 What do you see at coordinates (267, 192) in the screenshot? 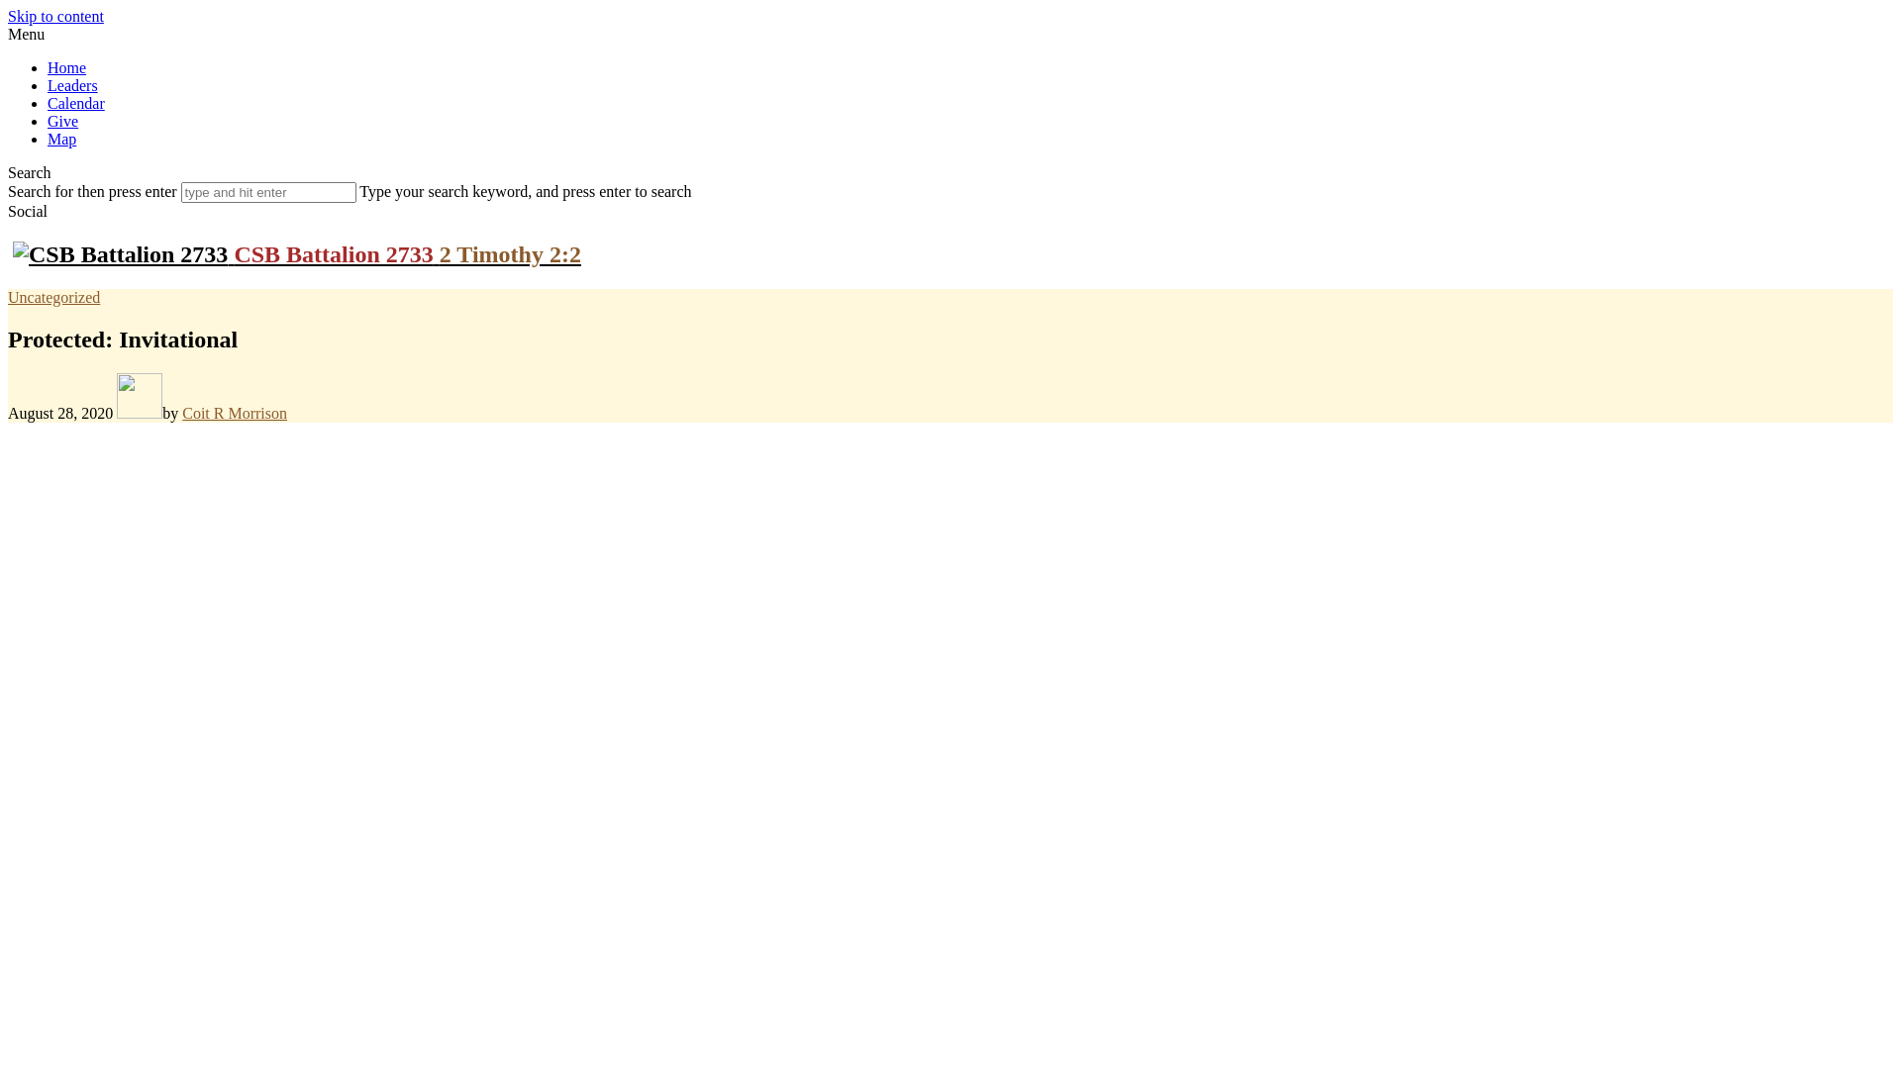
I see `'Search for:'` at bounding box center [267, 192].